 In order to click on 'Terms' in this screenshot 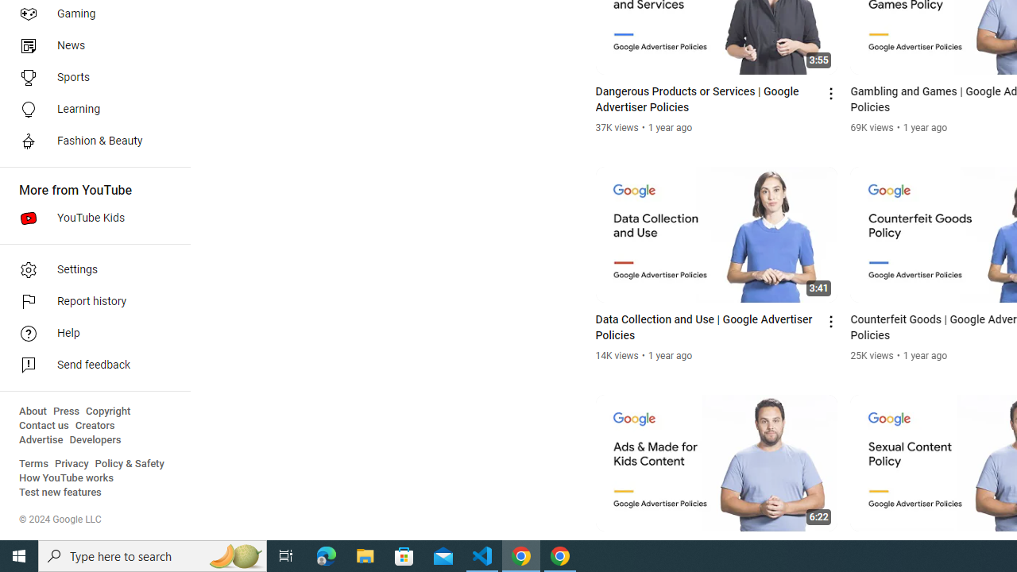, I will do `click(33, 464)`.